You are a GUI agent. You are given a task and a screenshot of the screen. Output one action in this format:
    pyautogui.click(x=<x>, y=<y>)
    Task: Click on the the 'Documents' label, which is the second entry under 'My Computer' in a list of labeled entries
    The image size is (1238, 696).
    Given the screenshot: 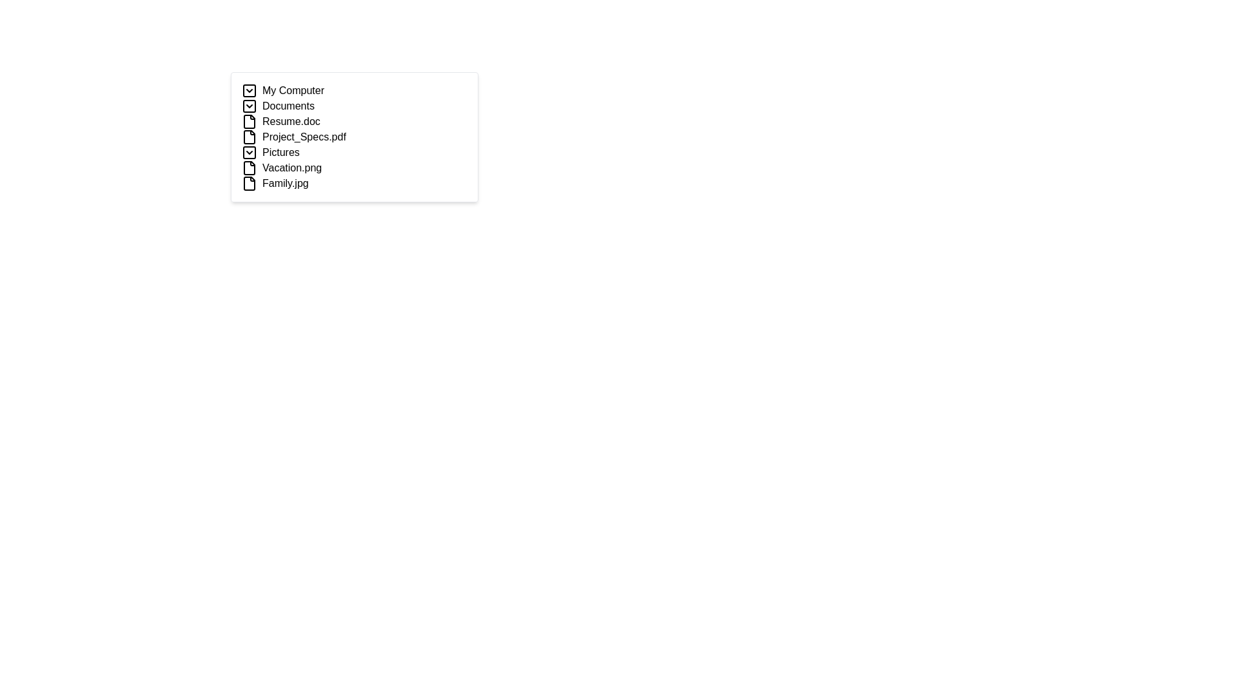 What is the action you would take?
    pyautogui.click(x=288, y=106)
    